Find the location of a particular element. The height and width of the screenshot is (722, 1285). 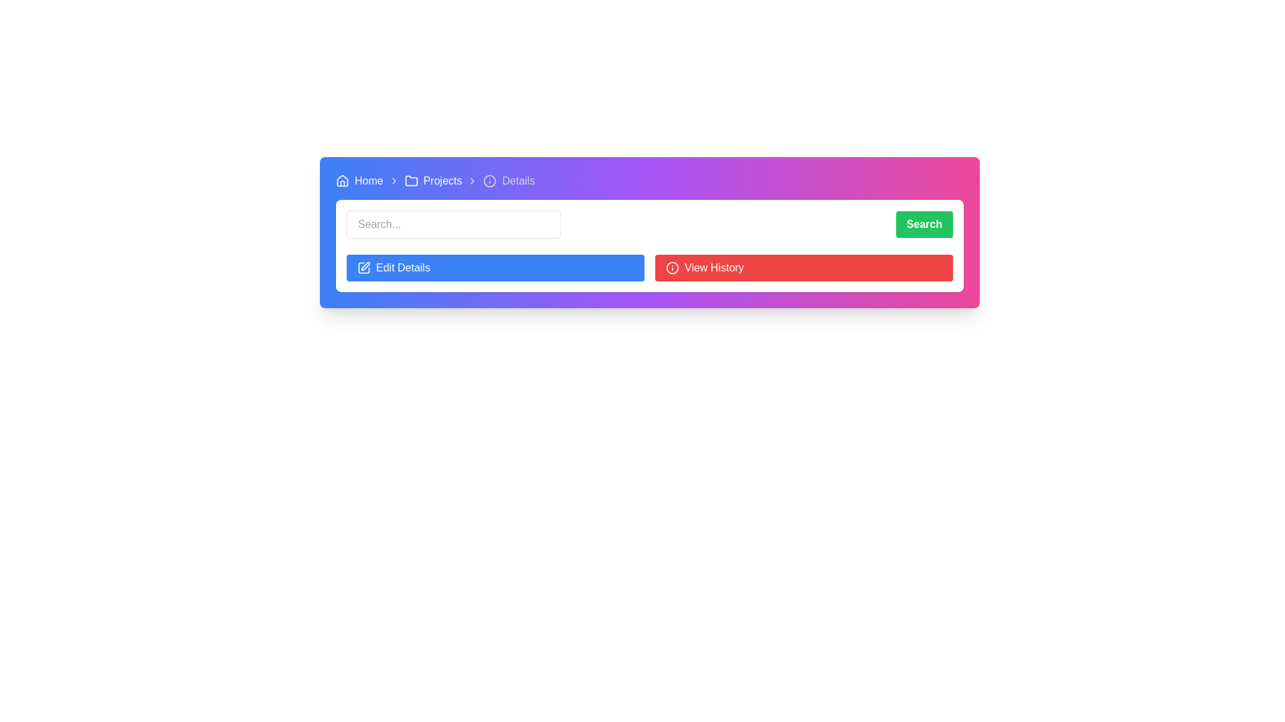

the 'Details' breadcrumb navigation item, which consists of an 'i' icon followed by the text 'Details', located on the rightmost side of the breadcrumb navigation bar is located at coordinates (508, 180).